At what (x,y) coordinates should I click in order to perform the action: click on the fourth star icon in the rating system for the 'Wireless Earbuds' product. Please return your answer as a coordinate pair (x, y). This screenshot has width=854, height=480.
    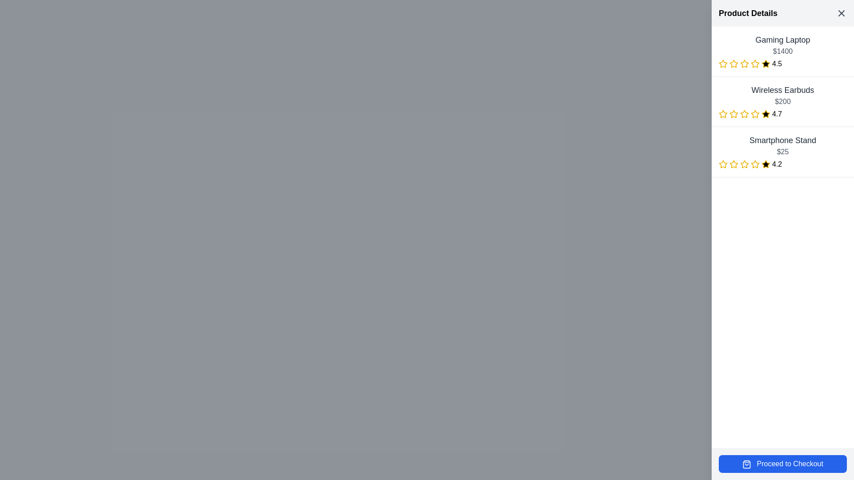
    Looking at the image, I should click on (765, 113).